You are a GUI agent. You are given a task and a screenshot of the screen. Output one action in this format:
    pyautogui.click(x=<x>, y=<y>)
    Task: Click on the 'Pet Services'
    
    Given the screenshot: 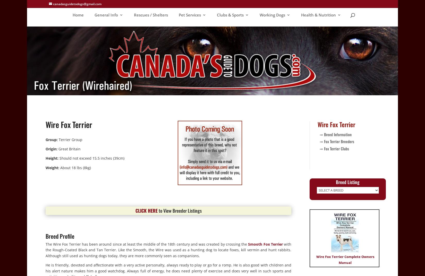 What is the action you would take?
    pyautogui.click(x=190, y=14)
    